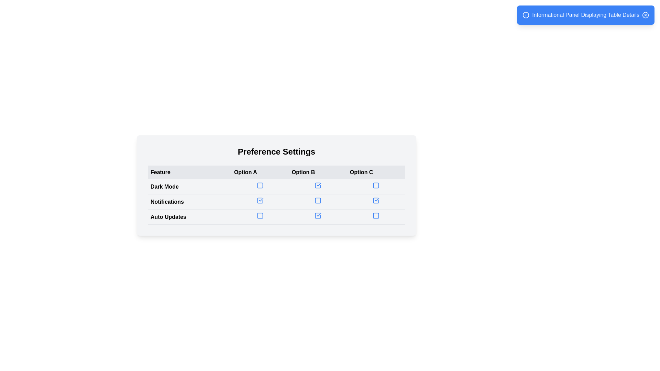  Describe the element at coordinates (260, 185) in the screenshot. I see `the blue hollow checkbox under the 'Option A' column in the 'Preference Settings' table` at that location.